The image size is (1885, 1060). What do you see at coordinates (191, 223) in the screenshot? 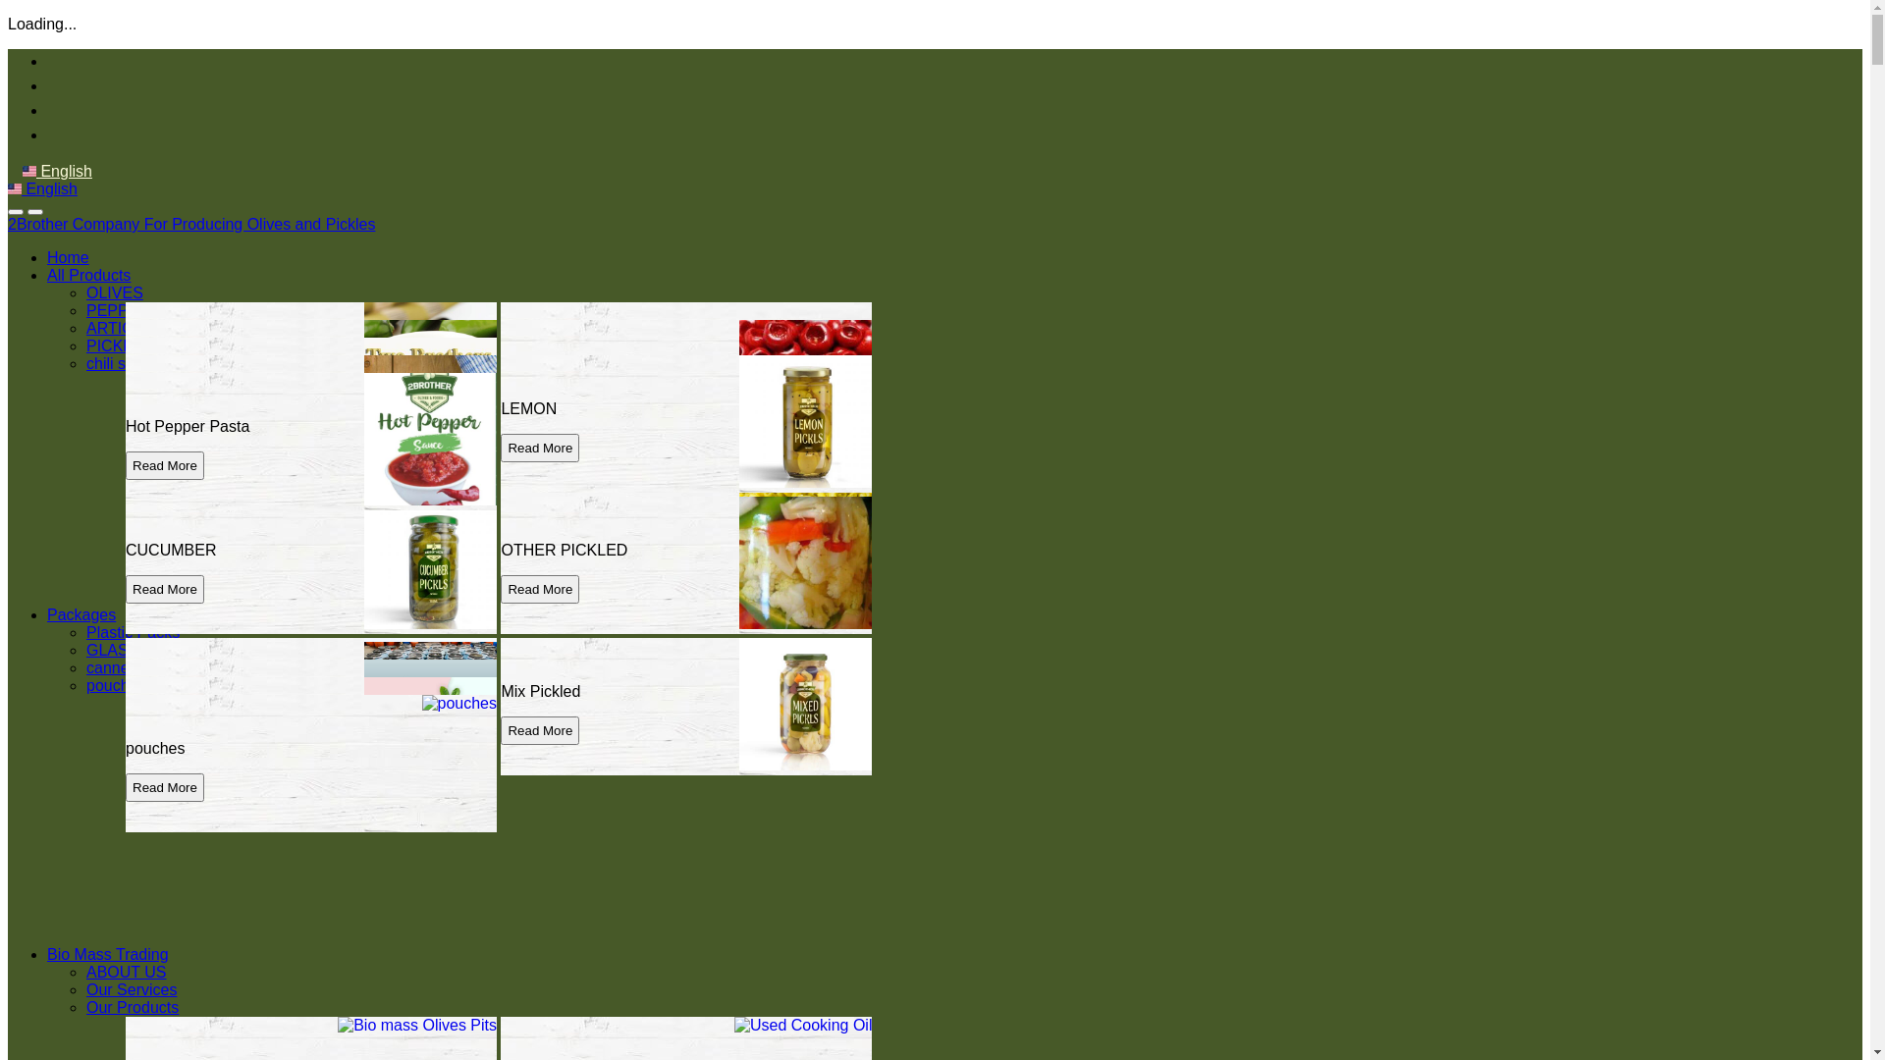
I see `'2Brother Company For Producing Olives and Pickles'` at bounding box center [191, 223].